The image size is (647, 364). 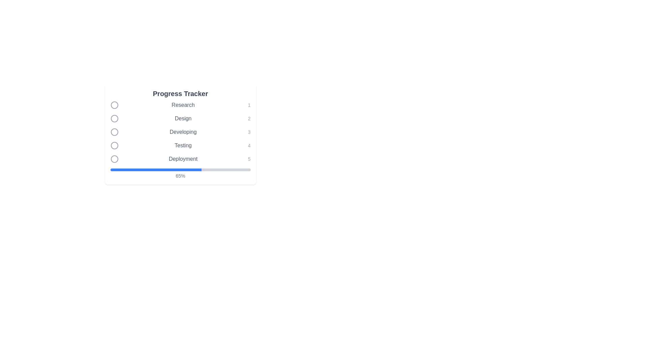 I want to click on the static informational label displaying '65%' which is styled in a small, gray font and positioned below the progress bar, so click(x=180, y=175).